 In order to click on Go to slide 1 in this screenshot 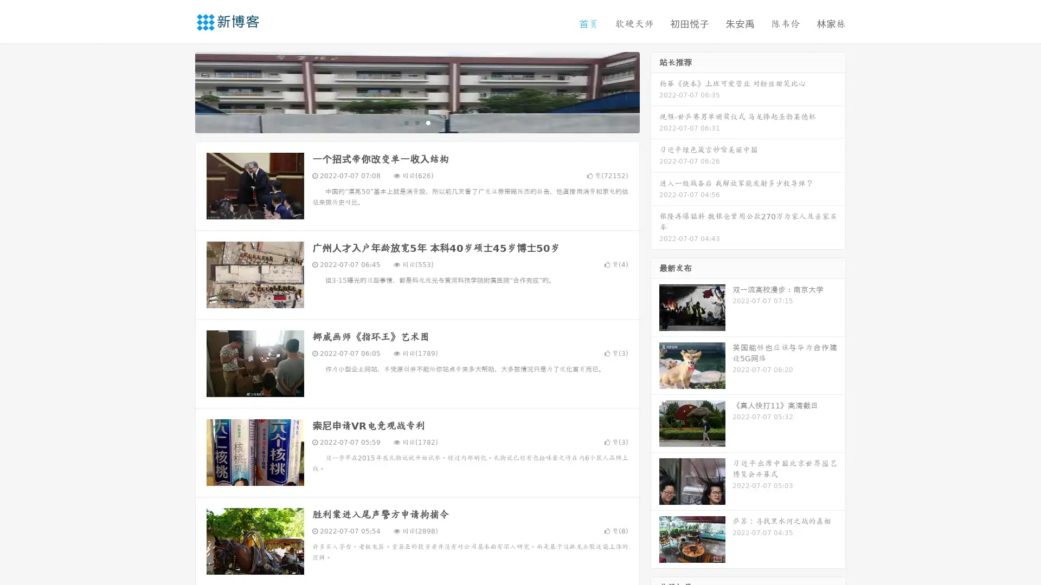, I will do `click(406, 122)`.